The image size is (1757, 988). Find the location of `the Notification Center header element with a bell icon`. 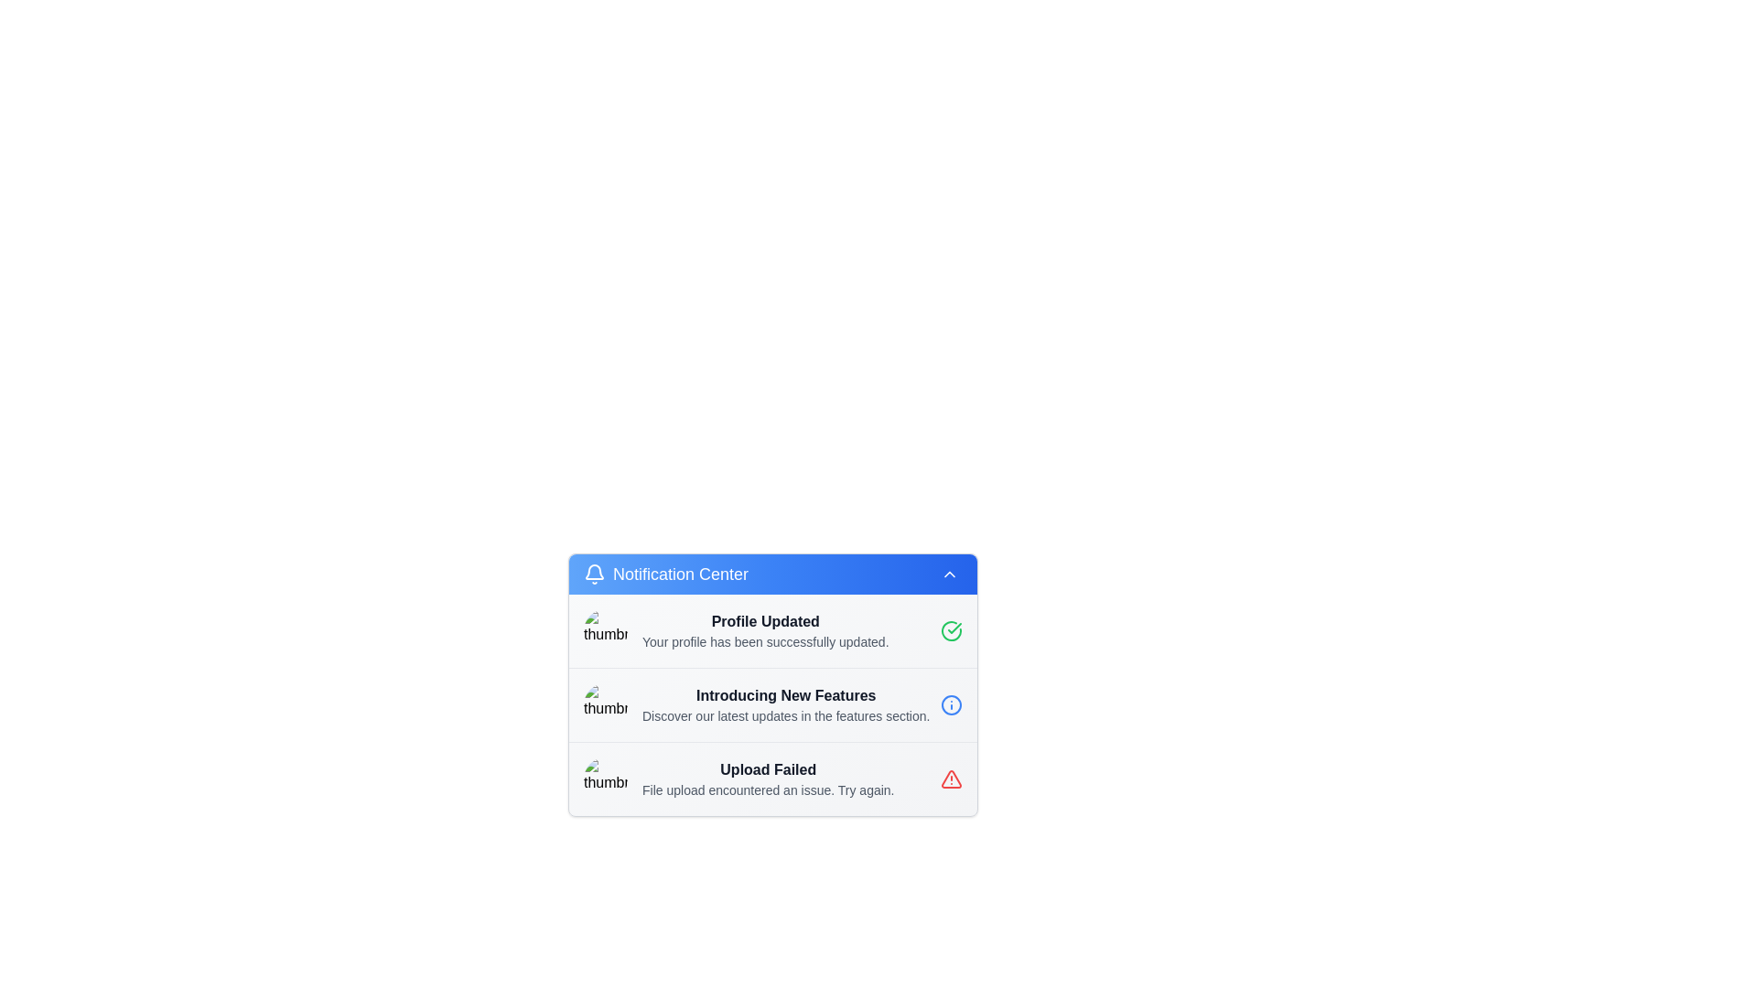

the Notification Center header element with a bell icon is located at coordinates (665, 574).